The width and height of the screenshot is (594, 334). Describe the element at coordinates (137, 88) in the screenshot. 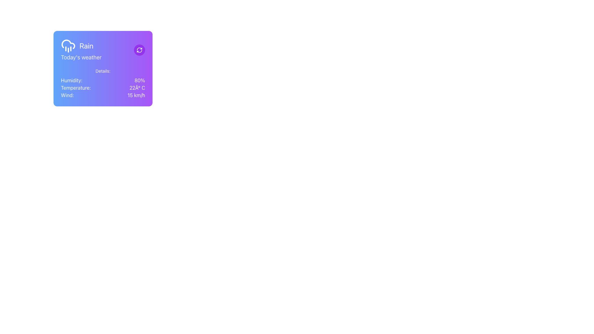

I see `the text label displaying '22° C' in white font on a gradient purple background` at that location.